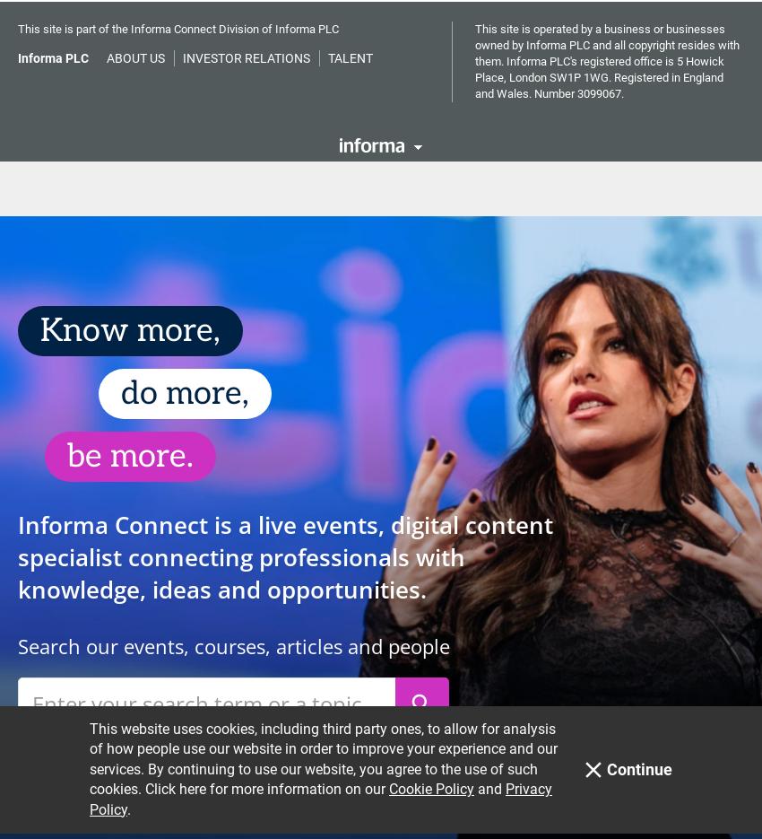  What do you see at coordinates (208, 734) in the screenshot?
I see `'arrow_downward'` at bounding box center [208, 734].